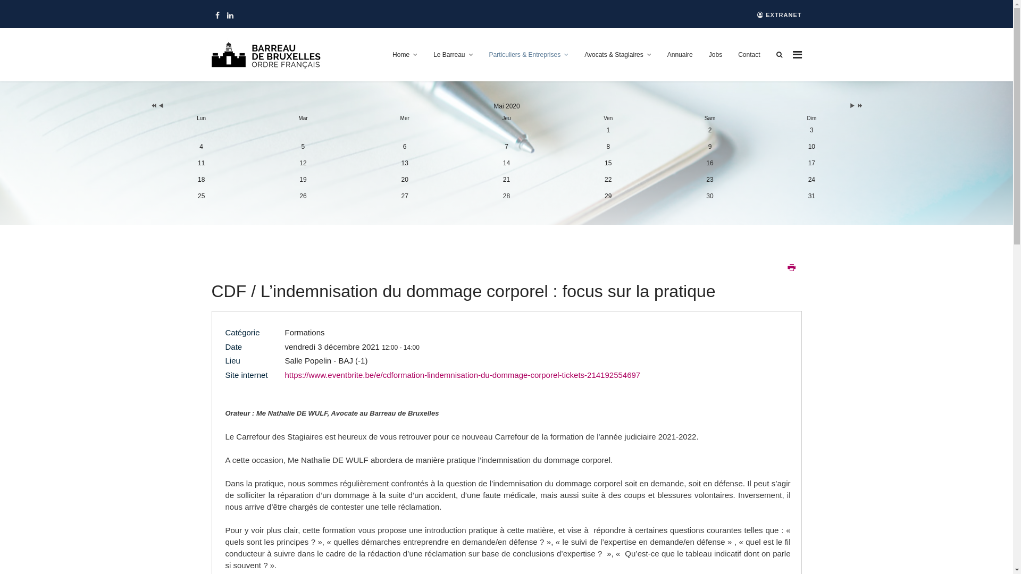 This screenshot has height=574, width=1021. What do you see at coordinates (729, 55) in the screenshot?
I see `'Contact'` at bounding box center [729, 55].